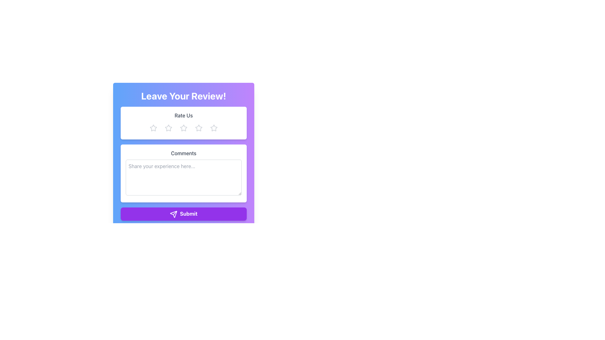 Image resolution: width=605 pixels, height=340 pixels. What do you see at coordinates (214, 127) in the screenshot?
I see `the fifth star icon in the rating input mechanism` at bounding box center [214, 127].